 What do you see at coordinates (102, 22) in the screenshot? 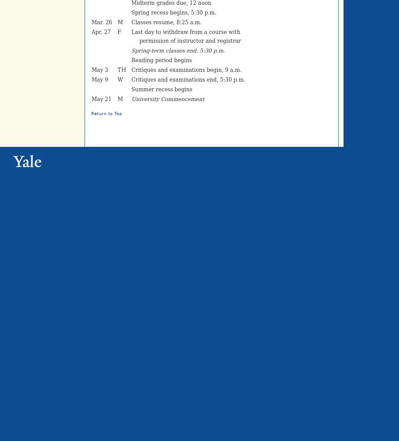
I see `'Mar. 26'` at bounding box center [102, 22].